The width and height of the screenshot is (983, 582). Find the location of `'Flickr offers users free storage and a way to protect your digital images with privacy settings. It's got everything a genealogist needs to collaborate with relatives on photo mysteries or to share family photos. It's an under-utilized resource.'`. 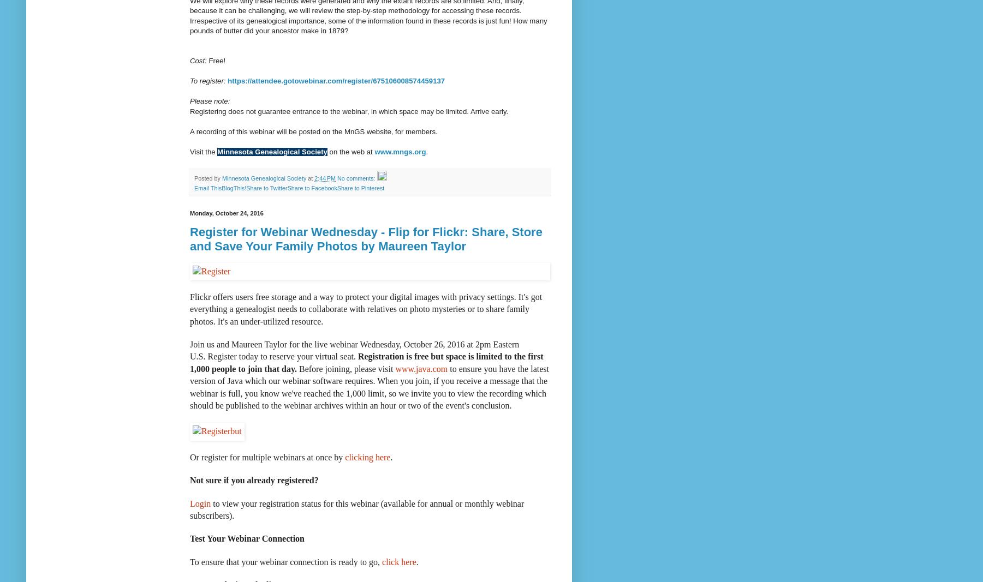

'Flickr offers users free storage and a way to protect your digital images with privacy settings. It's got everything a genealogist needs to collaborate with relatives on photo mysteries or to share family photos. It's an under-utilized resource.' is located at coordinates (365, 309).